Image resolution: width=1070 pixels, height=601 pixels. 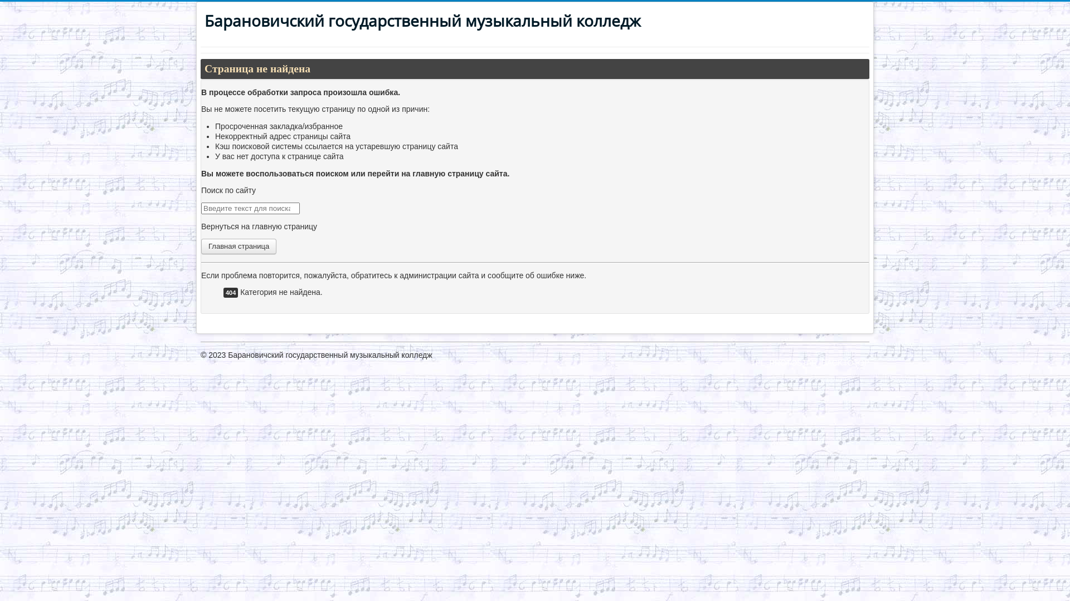 I want to click on 'TPL_PROTOSTAR_BACKTOTOP', so click(x=810, y=362).